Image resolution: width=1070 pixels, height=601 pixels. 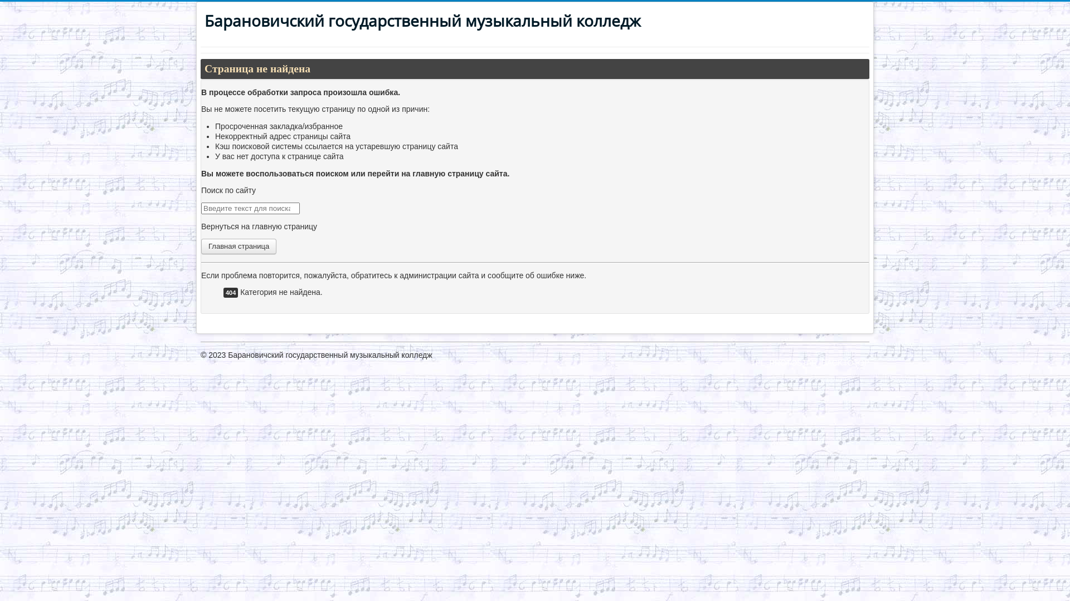 I want to click on 'TPL_PROTOSTAR_BACKTOTOP', so click(x=810, y=362).